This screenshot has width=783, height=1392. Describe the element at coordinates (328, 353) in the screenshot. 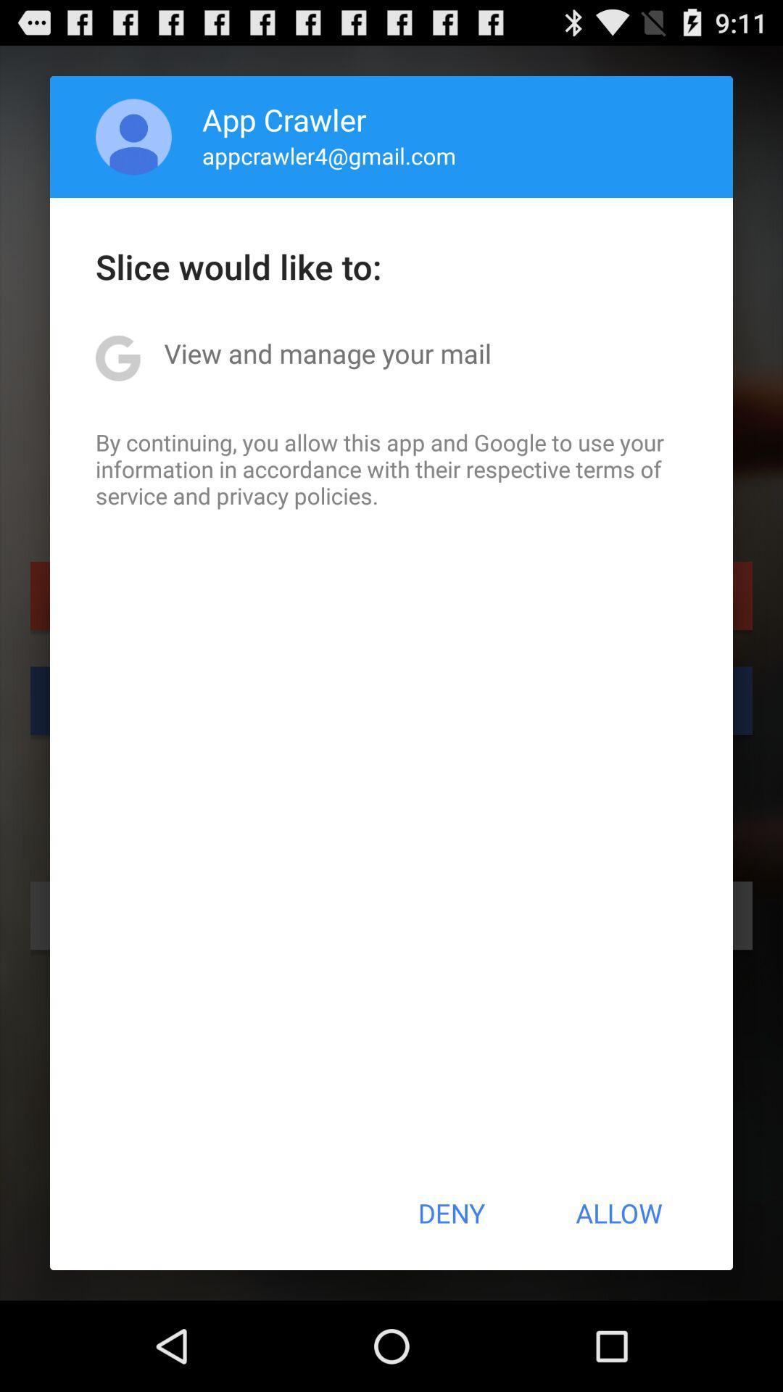

I see `icon below the slice would like` at that location.